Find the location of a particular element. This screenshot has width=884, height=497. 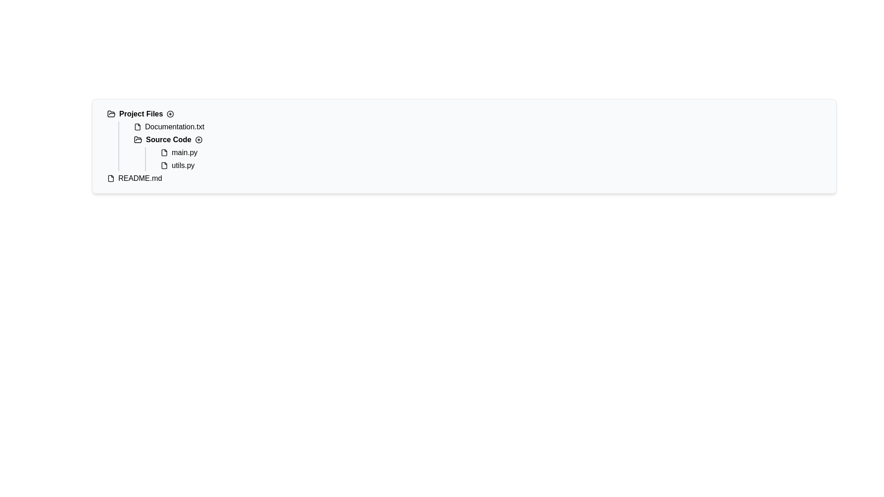

the file icon representing the 'README.md' file is located at coordinates (110, 179).